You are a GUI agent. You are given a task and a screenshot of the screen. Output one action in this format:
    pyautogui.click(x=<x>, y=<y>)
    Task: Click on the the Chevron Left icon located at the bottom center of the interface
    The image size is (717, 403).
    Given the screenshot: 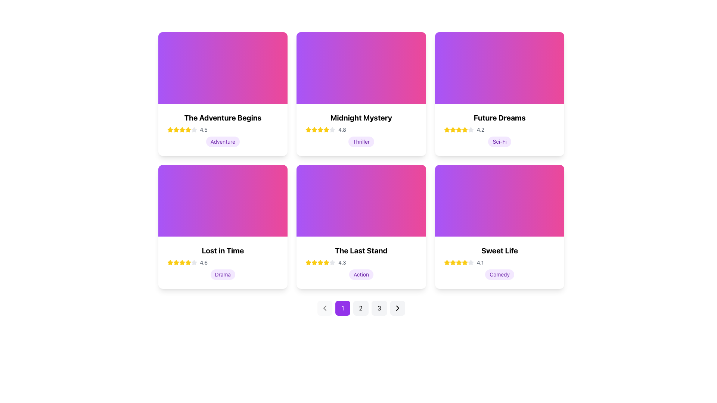 What is the action you would take?
    pyautogui.click(x=325, y=308)
    